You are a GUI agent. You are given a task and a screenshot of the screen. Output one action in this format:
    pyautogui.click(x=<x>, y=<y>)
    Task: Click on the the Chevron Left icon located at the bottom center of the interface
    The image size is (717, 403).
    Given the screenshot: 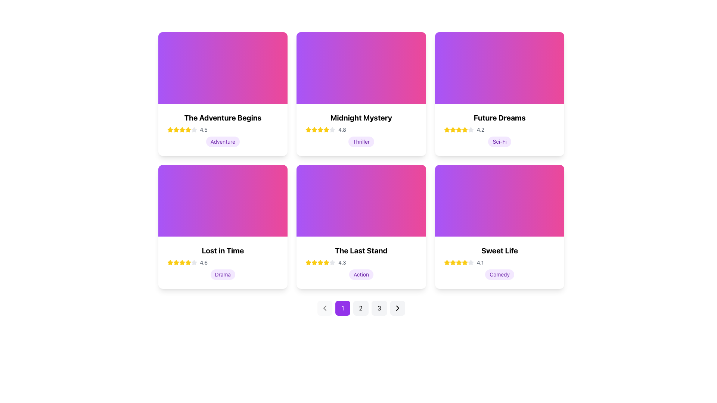 What is the action you would take?
    pyautogui.click(x=325, y=308)
    